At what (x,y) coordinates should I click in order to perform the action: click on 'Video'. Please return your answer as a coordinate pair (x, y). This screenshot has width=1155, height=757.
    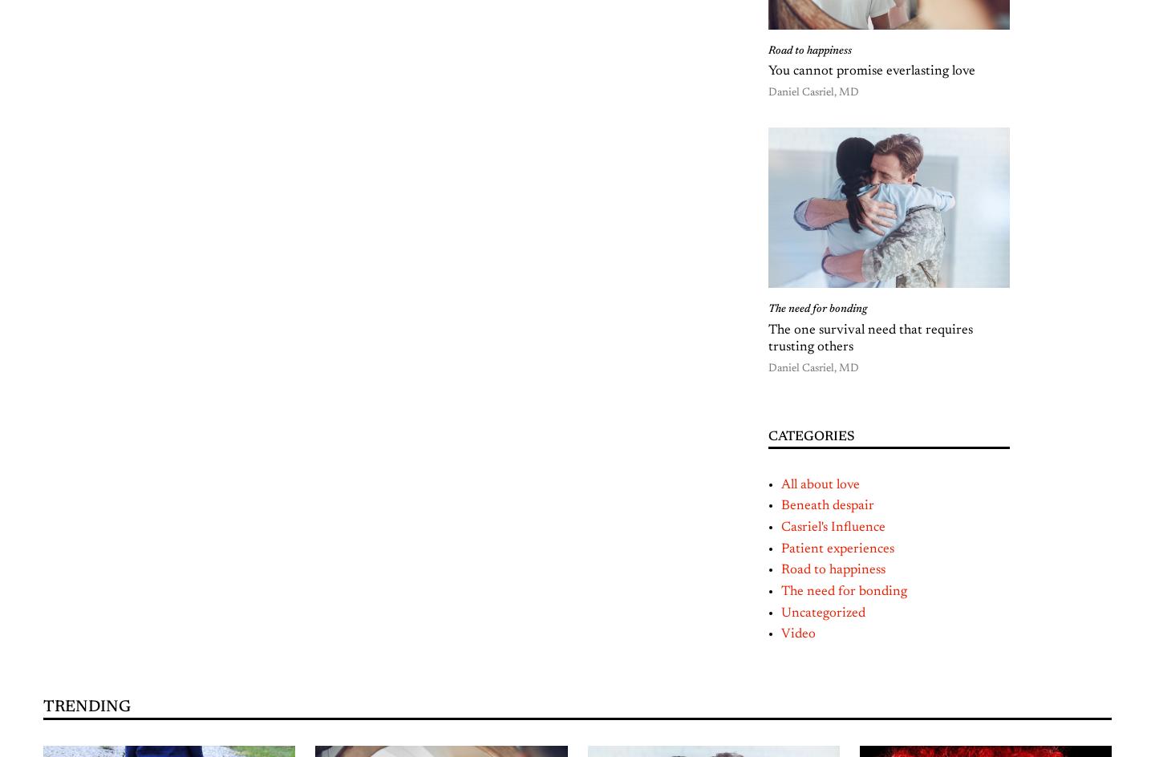
    Looking at the image, I should click on (797, 633).